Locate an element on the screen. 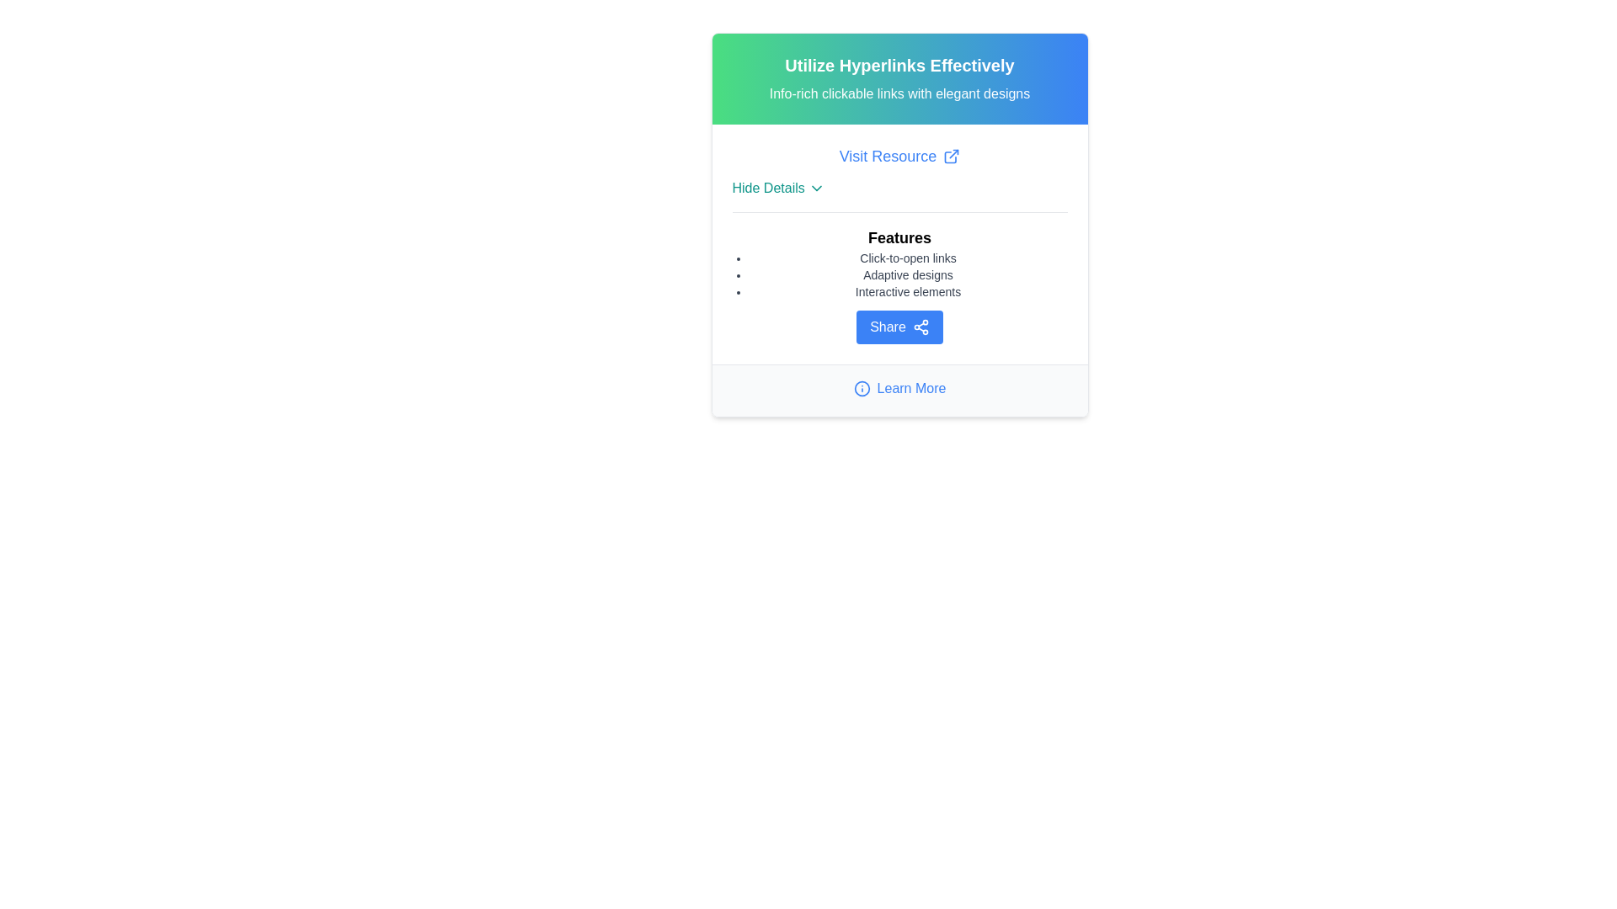  the interactive hyperlink labeled 'Learn More' with an accompanying icon, which is styled in blue and located at the bottom center of the card layout is located at coordinates (899, 390).